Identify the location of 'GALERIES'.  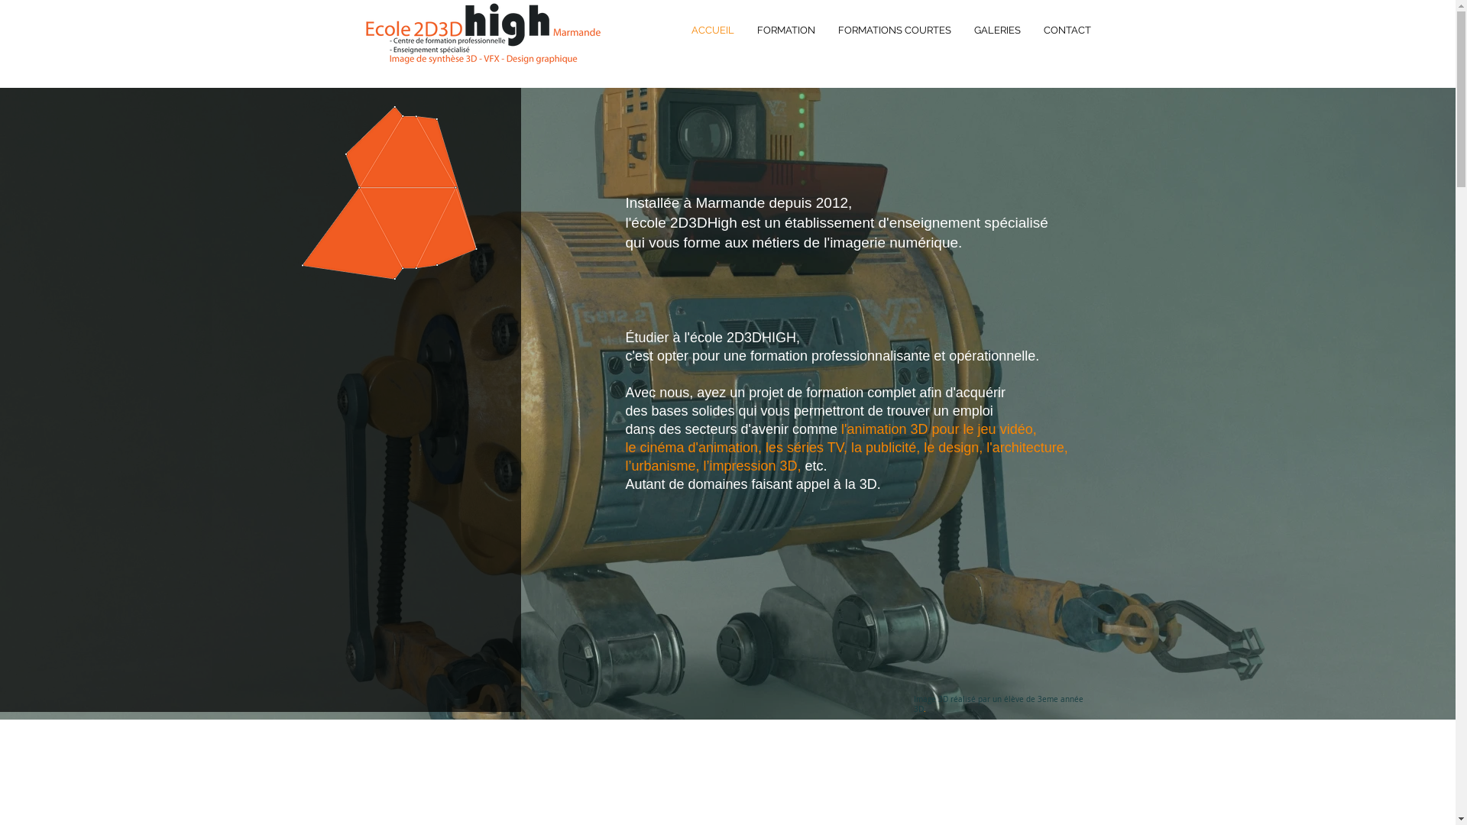
(961, 30).